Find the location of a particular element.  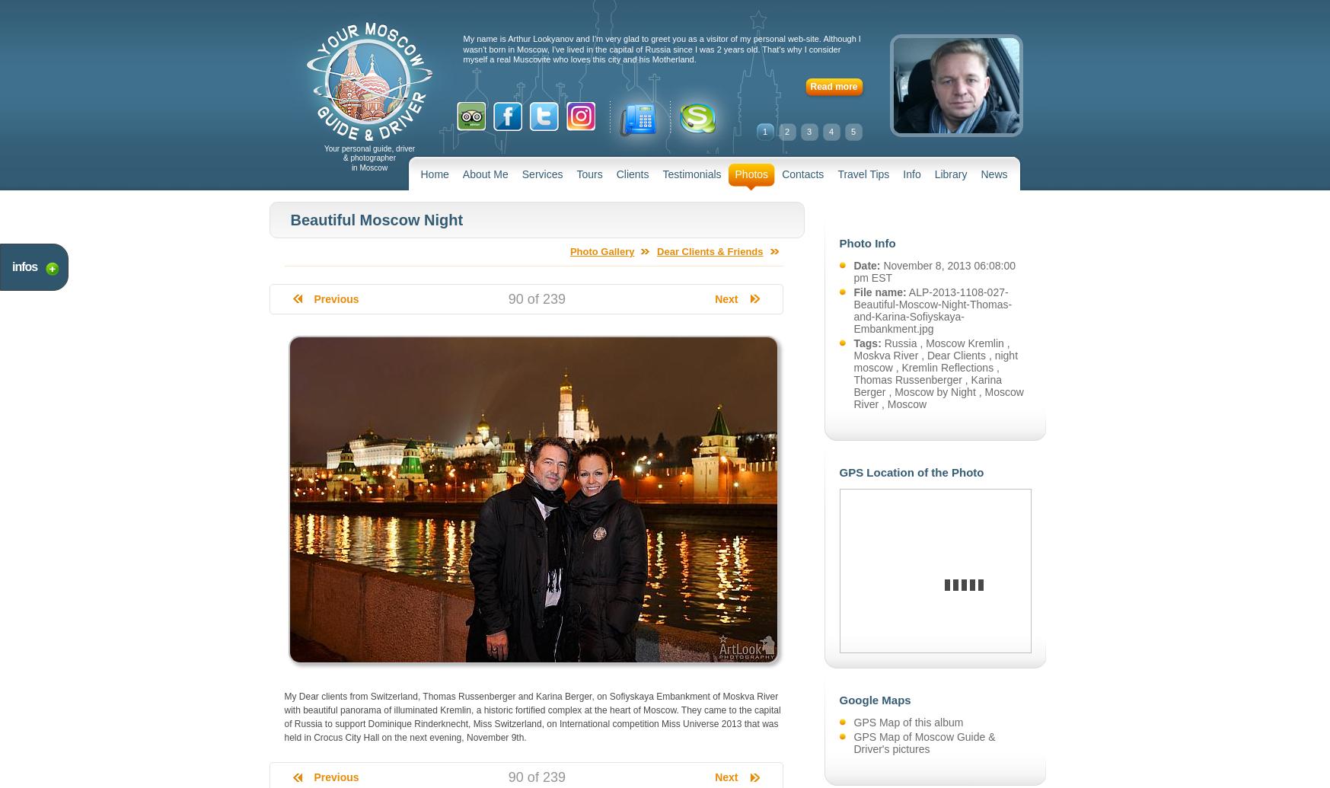

'Read more' is located at coordinates (834, 86).